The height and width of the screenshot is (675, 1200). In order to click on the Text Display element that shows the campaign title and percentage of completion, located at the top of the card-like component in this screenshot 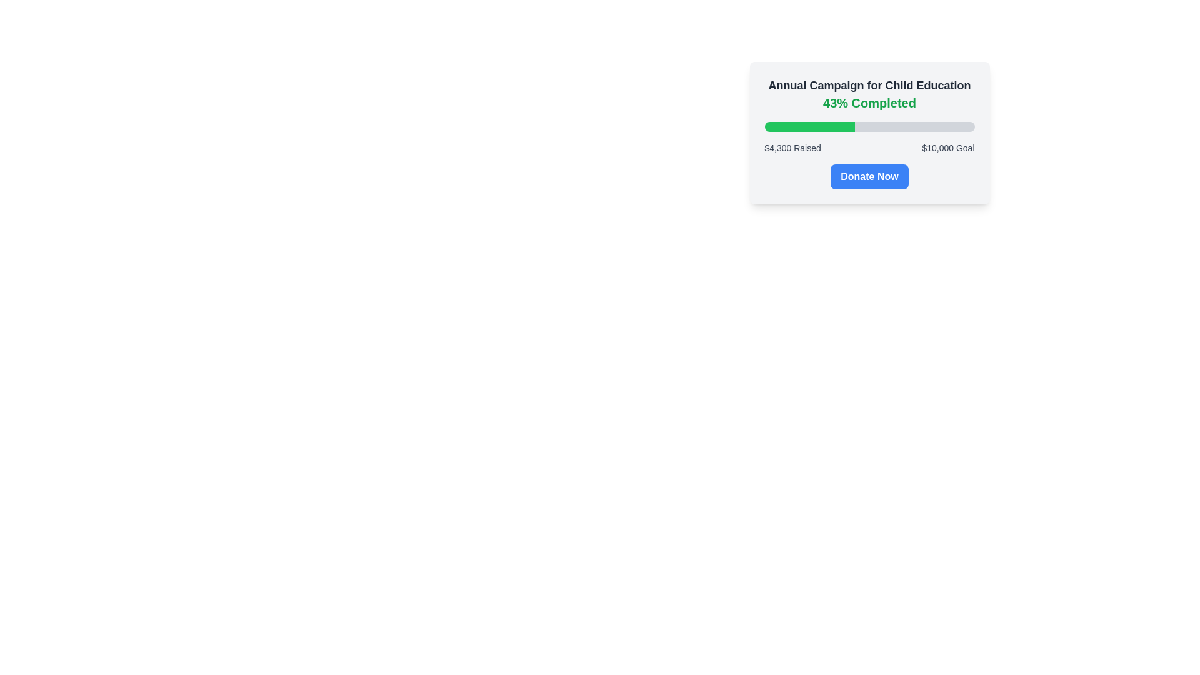, I will do `click(869, 93)`.